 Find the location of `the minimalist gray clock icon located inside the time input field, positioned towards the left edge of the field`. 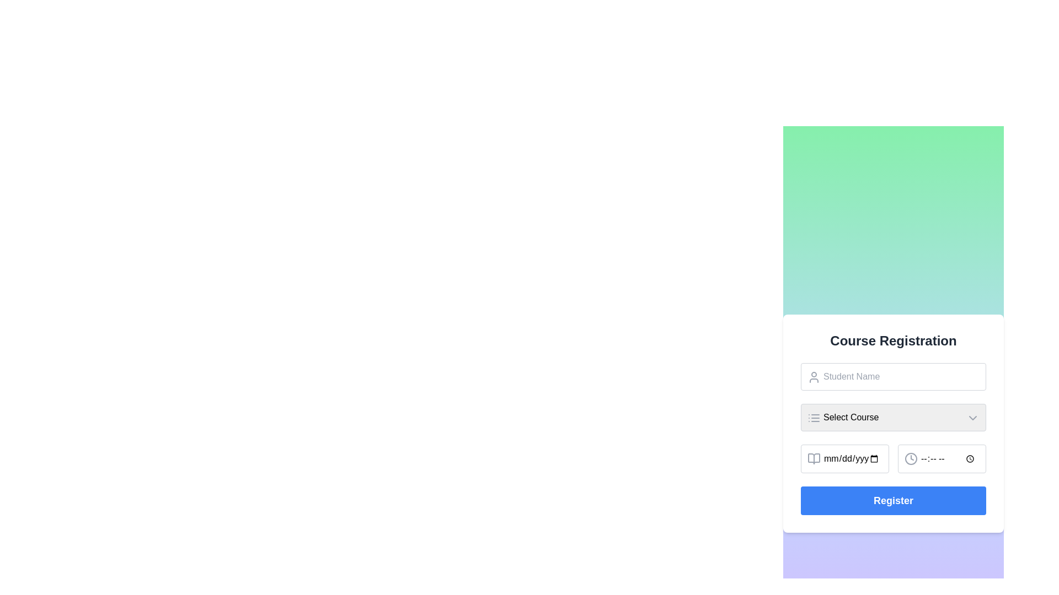

the minimalist gray clock icon located inside the time input field, positioned towards the left edge of the field is located at coordinates (911, 459).